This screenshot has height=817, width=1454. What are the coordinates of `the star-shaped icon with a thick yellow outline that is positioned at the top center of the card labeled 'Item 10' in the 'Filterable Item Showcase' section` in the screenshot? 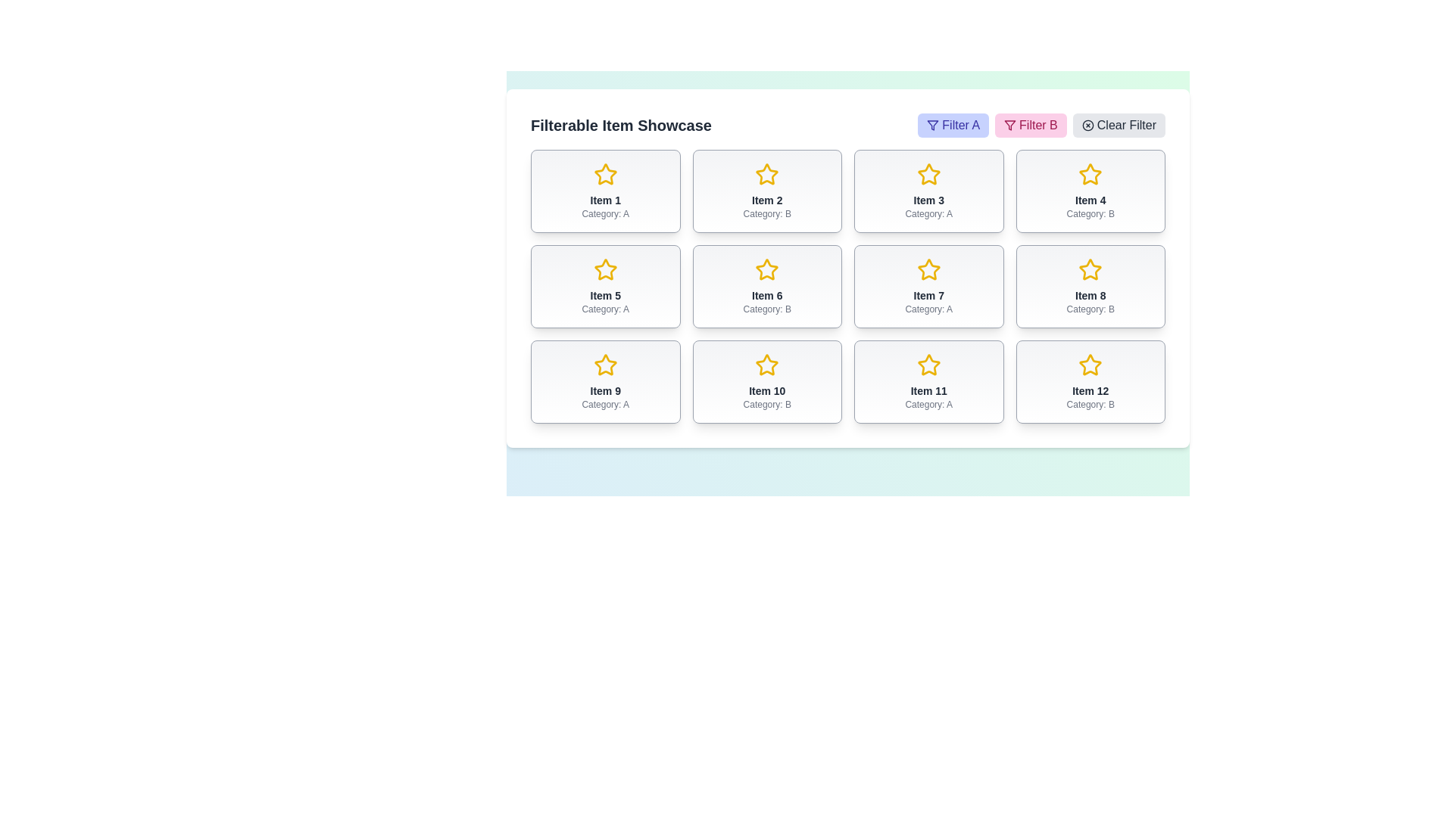 It's located at (767, 365).